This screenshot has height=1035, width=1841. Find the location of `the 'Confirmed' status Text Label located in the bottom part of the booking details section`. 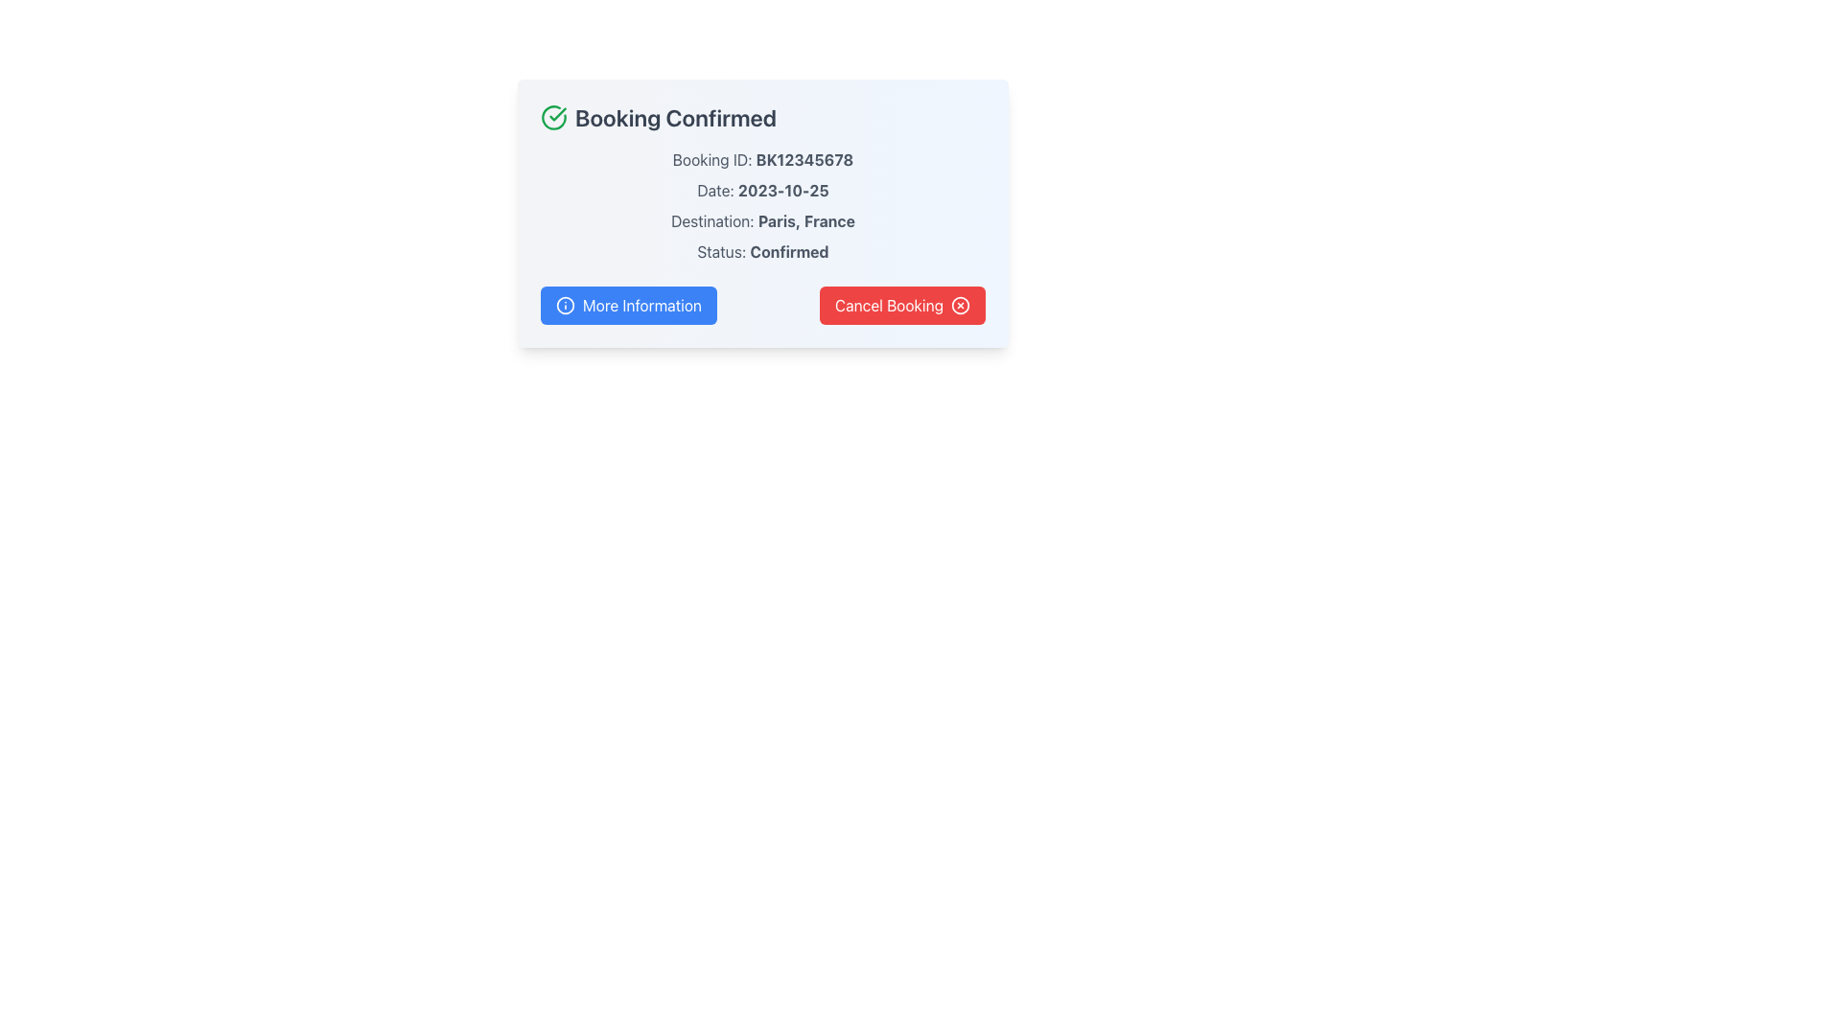

the 'Confirmed' status Text Label located in the bottom part of the booking details section is located at coordinates (762, 250).